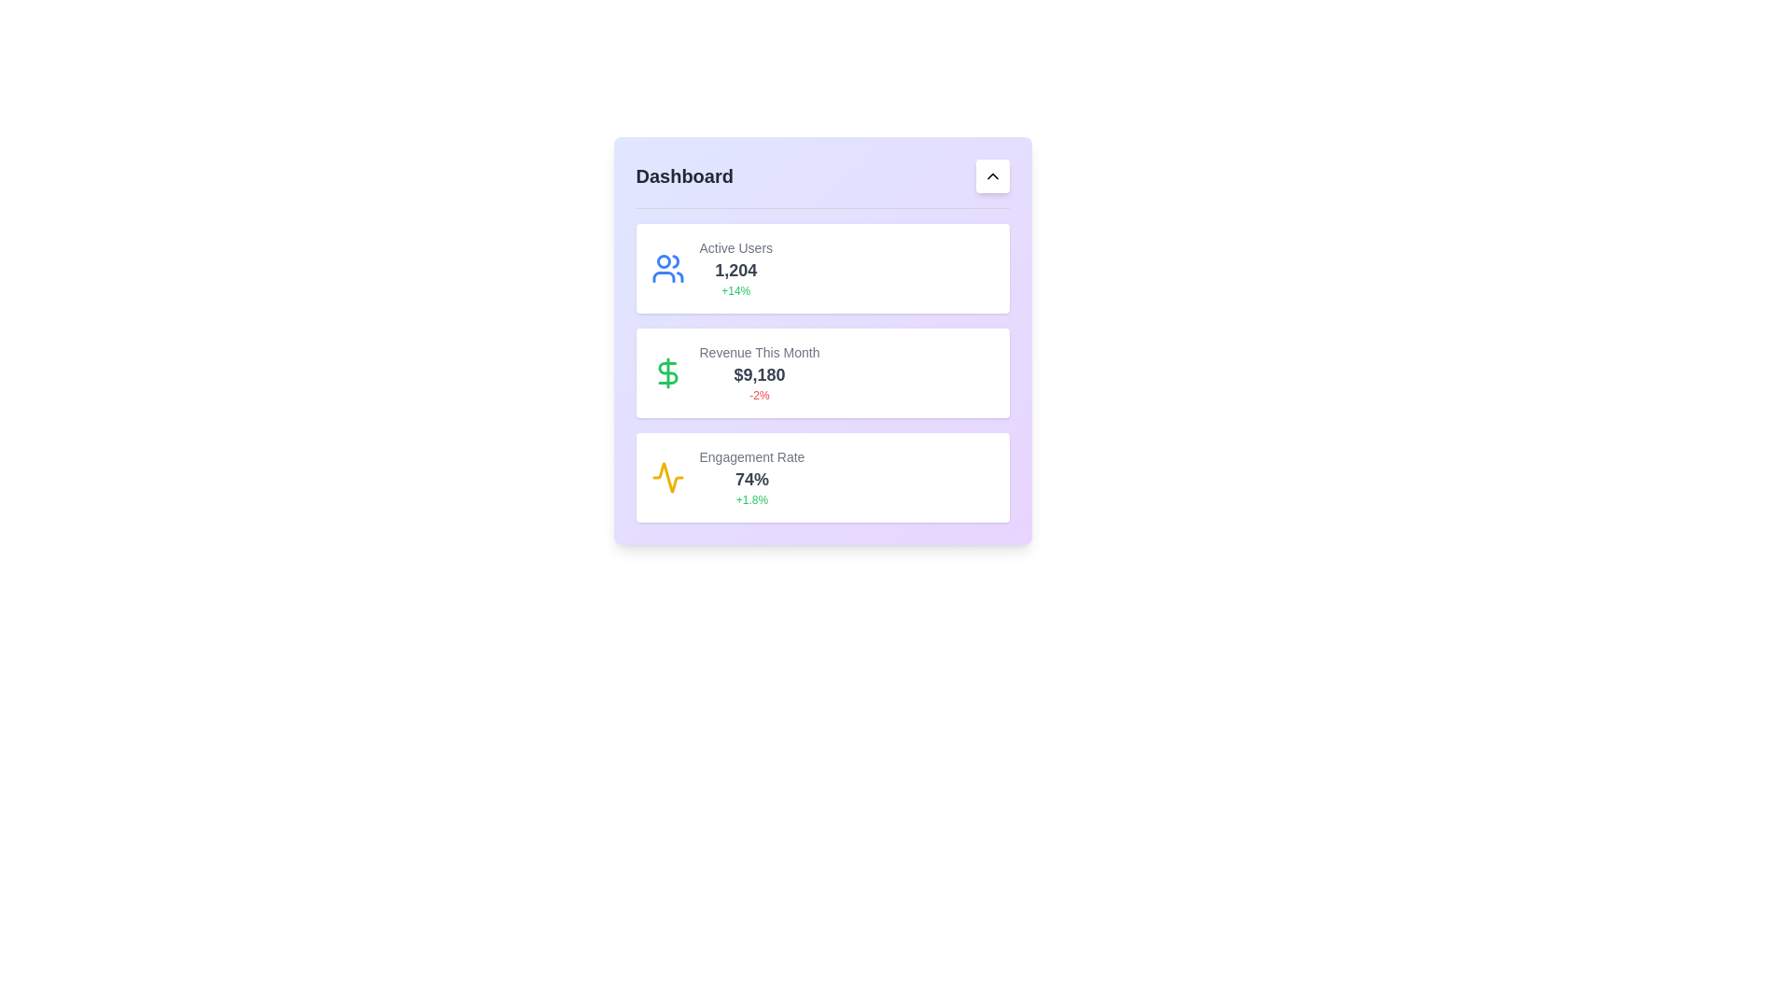 The width and height of the screenshot is (1792, 1008). Describe the element at coordinates (752, 456) in the screenshot. I see `the static text label displaying 'Engagement Rate' in small, gray-colored font, which is positioned at the top of the third card in a vertical set of cards` at that location.